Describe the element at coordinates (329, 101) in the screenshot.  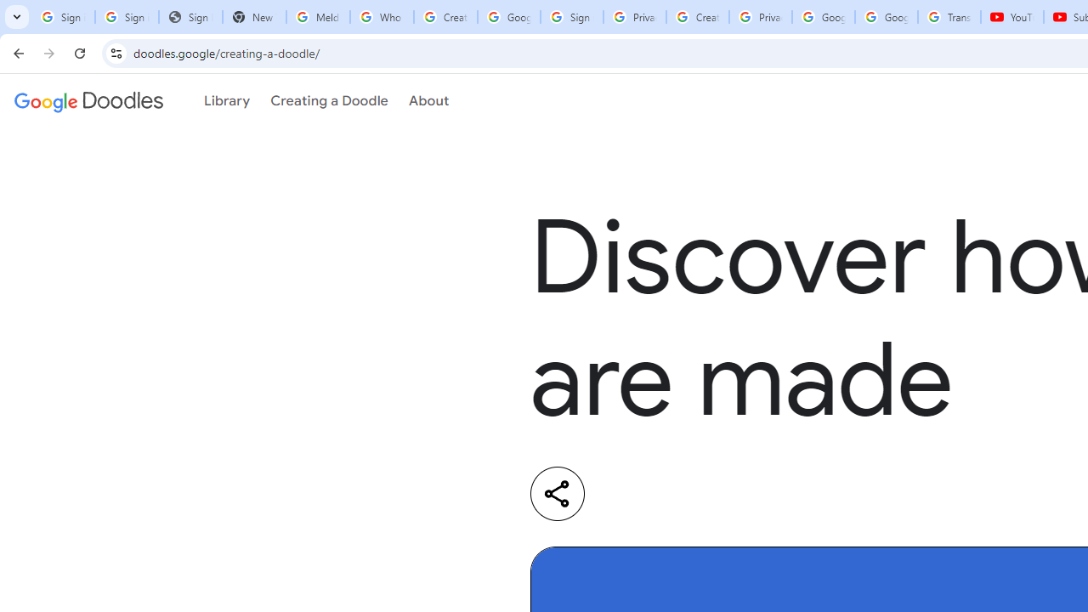
I see `'Creating a Doodle'` at that location.